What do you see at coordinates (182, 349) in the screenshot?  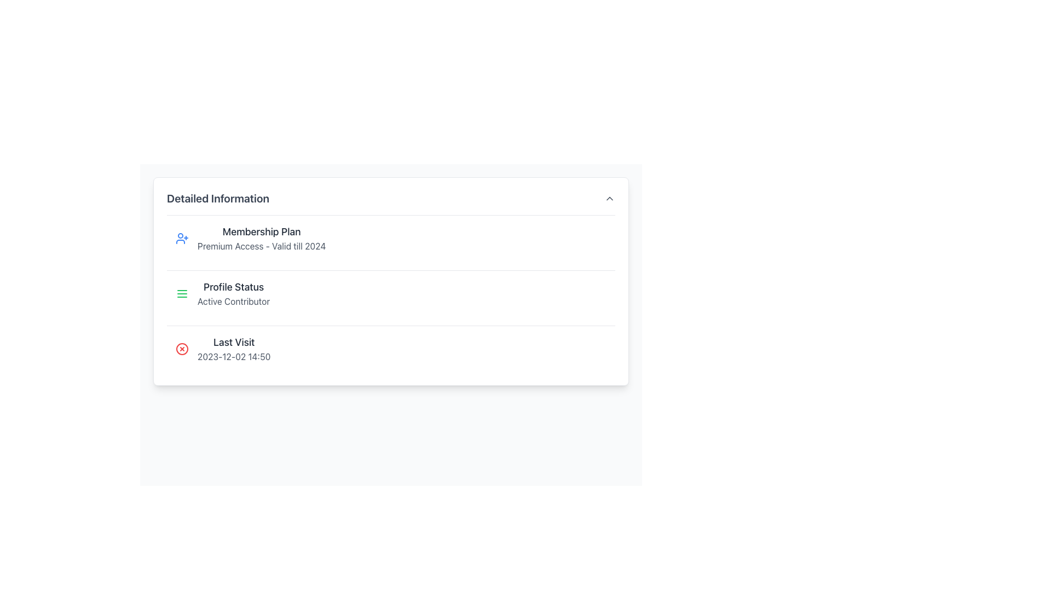 I see `the red circular close icon with an 'X' shape located in the 'Last Visit' section, positioned to the left of the date and time text ('2023-12-02 14:50')` at bounding box center [182, 349].